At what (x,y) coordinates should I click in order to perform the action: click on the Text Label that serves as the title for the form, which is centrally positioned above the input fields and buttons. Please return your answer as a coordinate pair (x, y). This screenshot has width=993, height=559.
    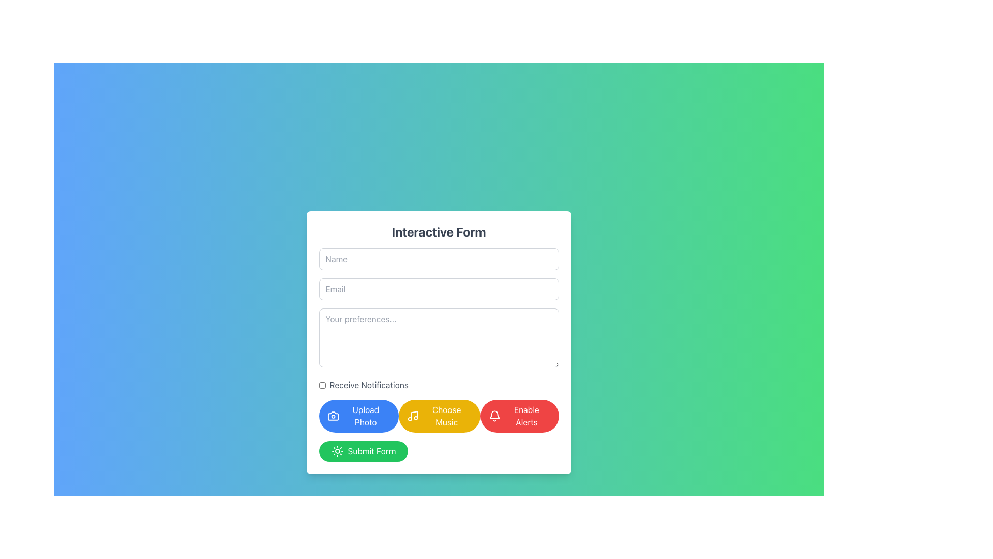
    Looking at the image, I should click on (439, 231).